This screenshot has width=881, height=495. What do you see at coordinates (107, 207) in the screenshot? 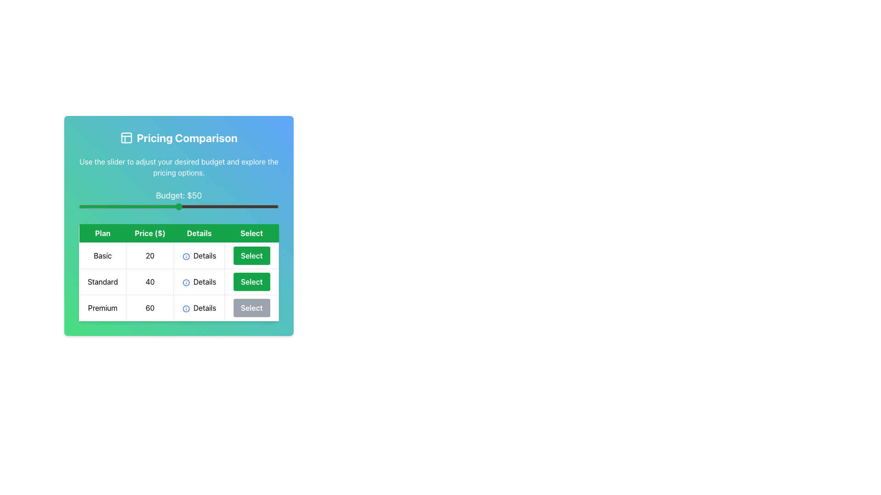
I see `the budget` at bounding box center [107, 207].